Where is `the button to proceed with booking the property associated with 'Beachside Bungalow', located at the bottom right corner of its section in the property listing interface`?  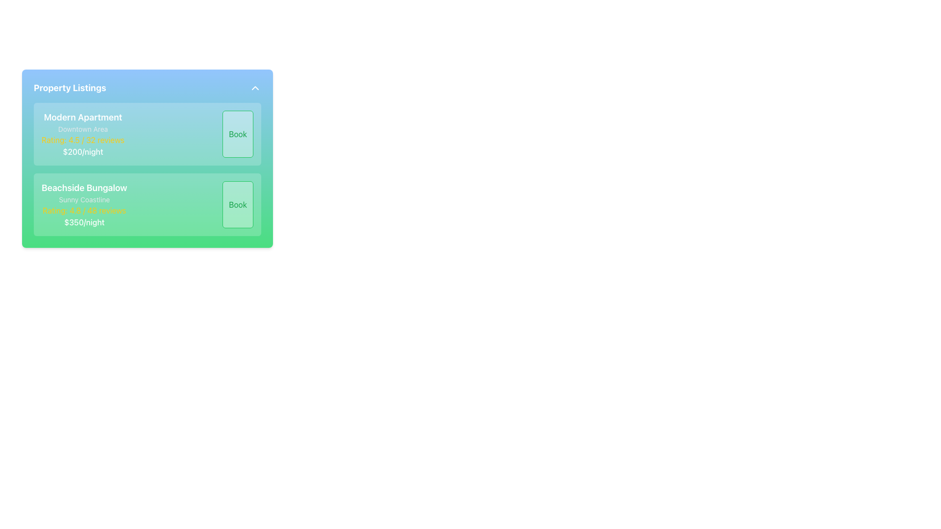 the button to proceed with booking the property associated with 'Beachside Bungalow', located at the bottom right corner of its section in the property listing interface is located at coordinates (238, 204).